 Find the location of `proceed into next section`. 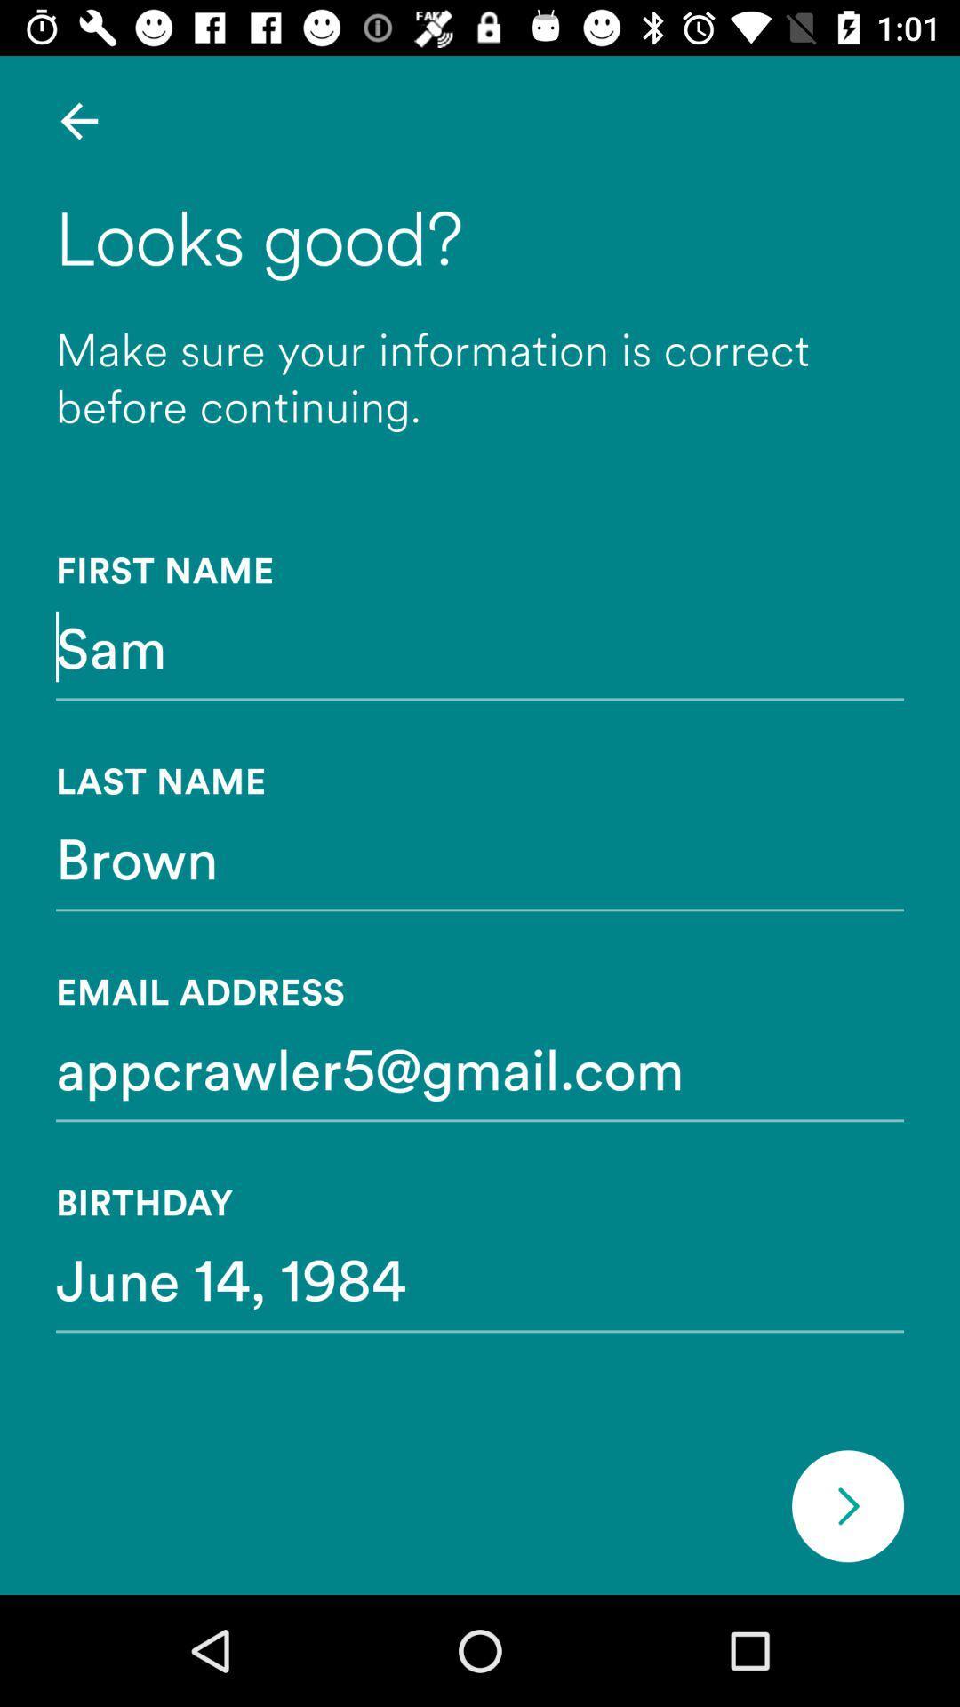

proceed into next section is located at coordinates (846, 1505).